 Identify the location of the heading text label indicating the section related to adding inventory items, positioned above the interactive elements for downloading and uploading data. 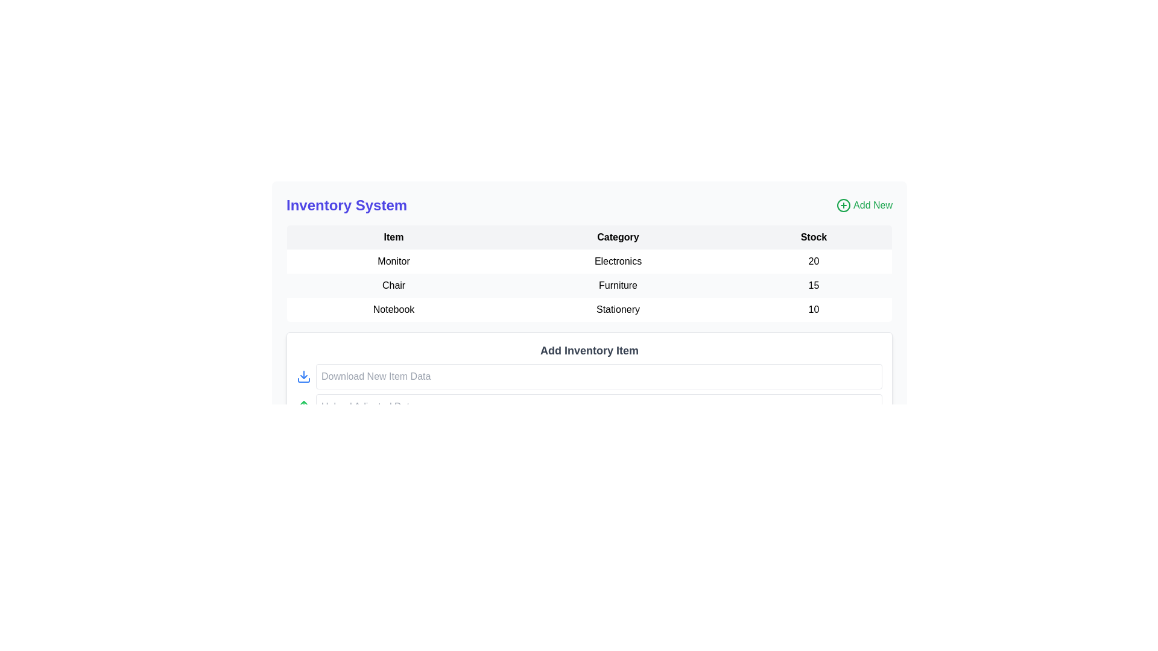
(589, 351).